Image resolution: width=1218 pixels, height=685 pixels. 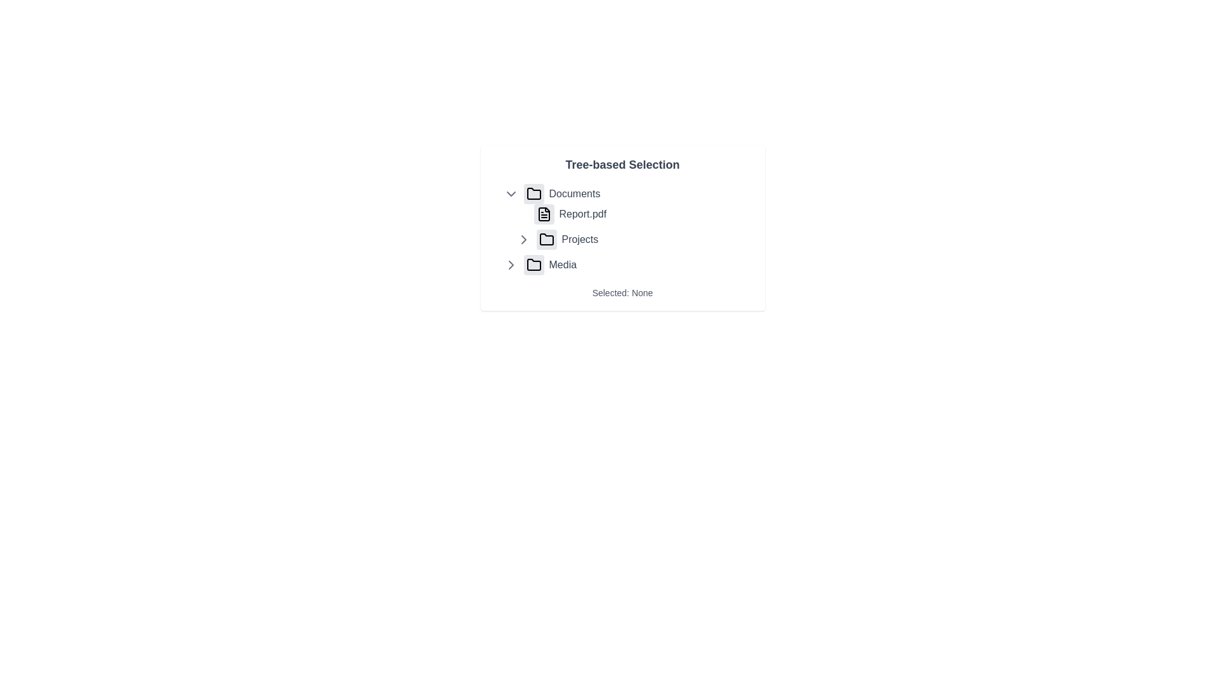 What do you see at coordinates (622, 293) in the screenshot?
I see `the text label displaying 'Selected: None', which is styled in a small, gray font and located in the lower section of the 'Tree-based Selection' panel` at bounding box center [622, 293].